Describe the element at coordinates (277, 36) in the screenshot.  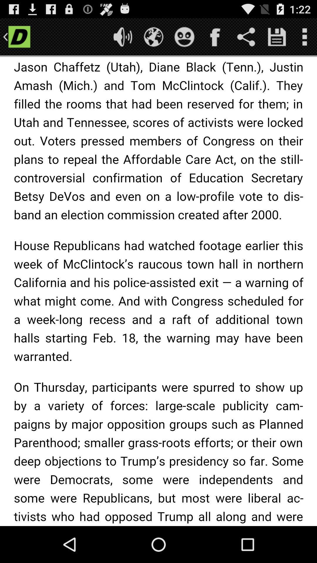
I see `this information` at that location.